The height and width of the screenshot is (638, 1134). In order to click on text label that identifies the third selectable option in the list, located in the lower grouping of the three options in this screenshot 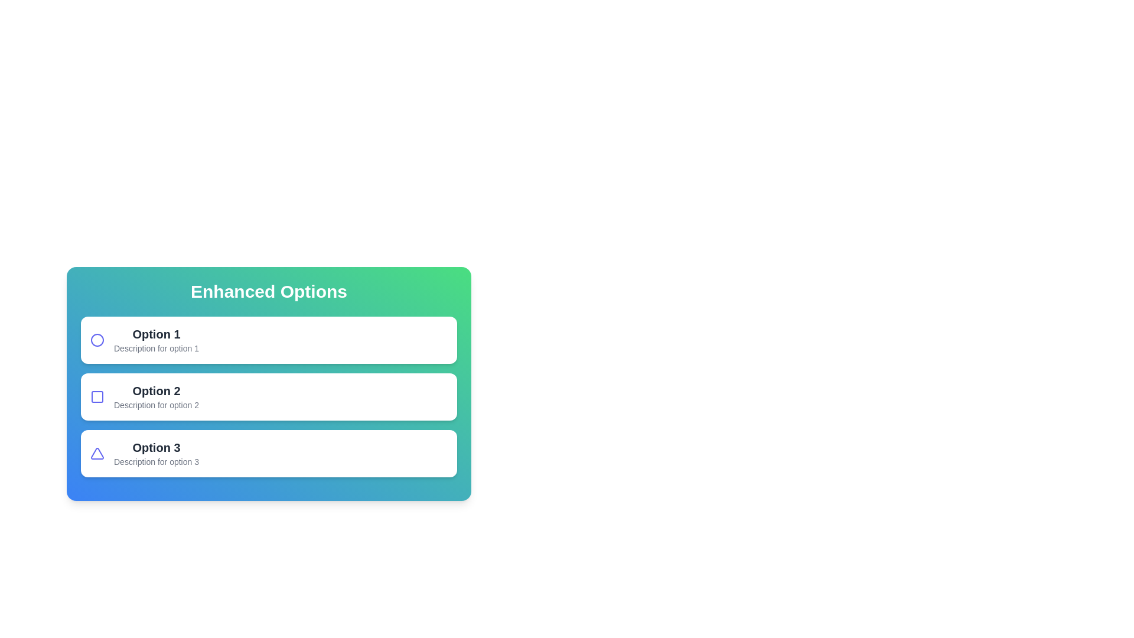, I will do `click(155, 448)`.